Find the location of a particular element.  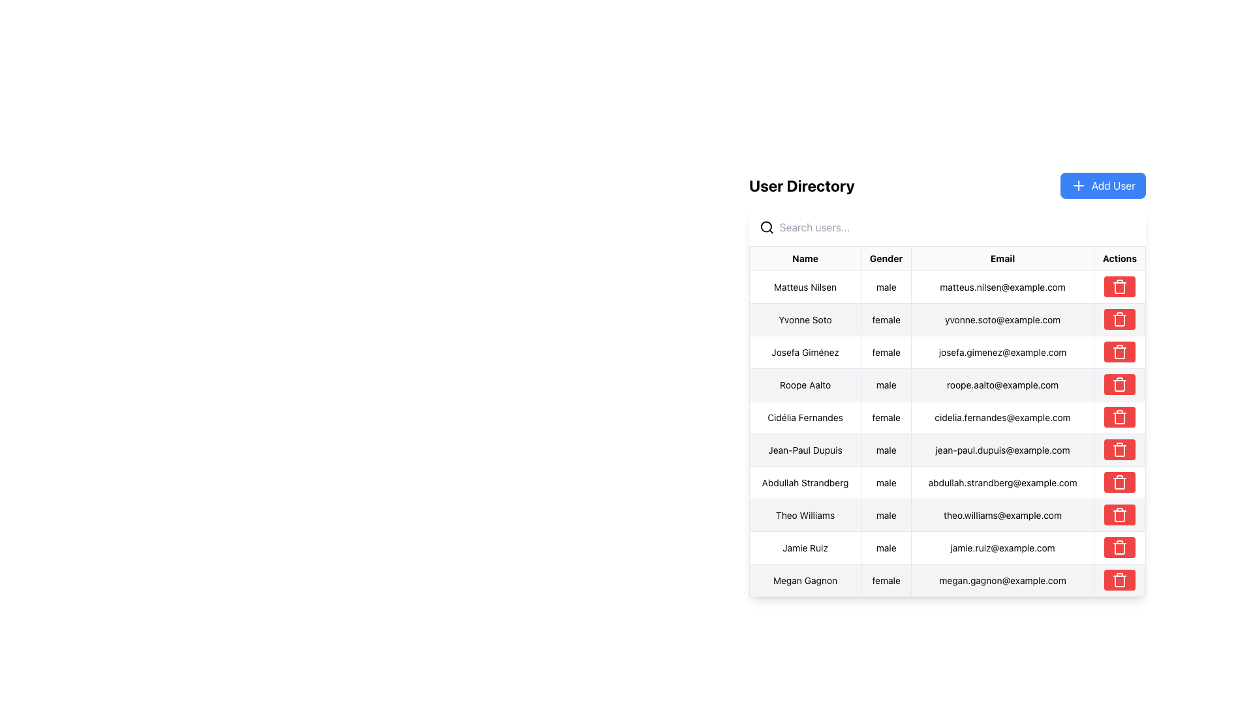

the 'Gender' table header, which is the second column header in a row of four headers, displayed in bold black font within a light gray bordered cell is located at coordinates (886, 259).